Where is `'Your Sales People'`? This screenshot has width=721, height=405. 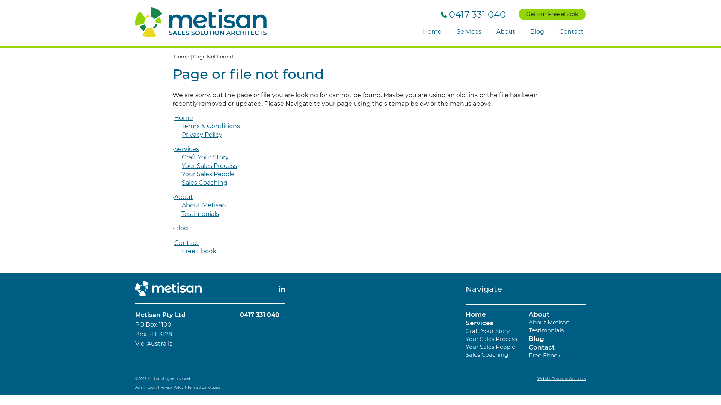
'Your Sales People' is located at coordinates (182, 174).